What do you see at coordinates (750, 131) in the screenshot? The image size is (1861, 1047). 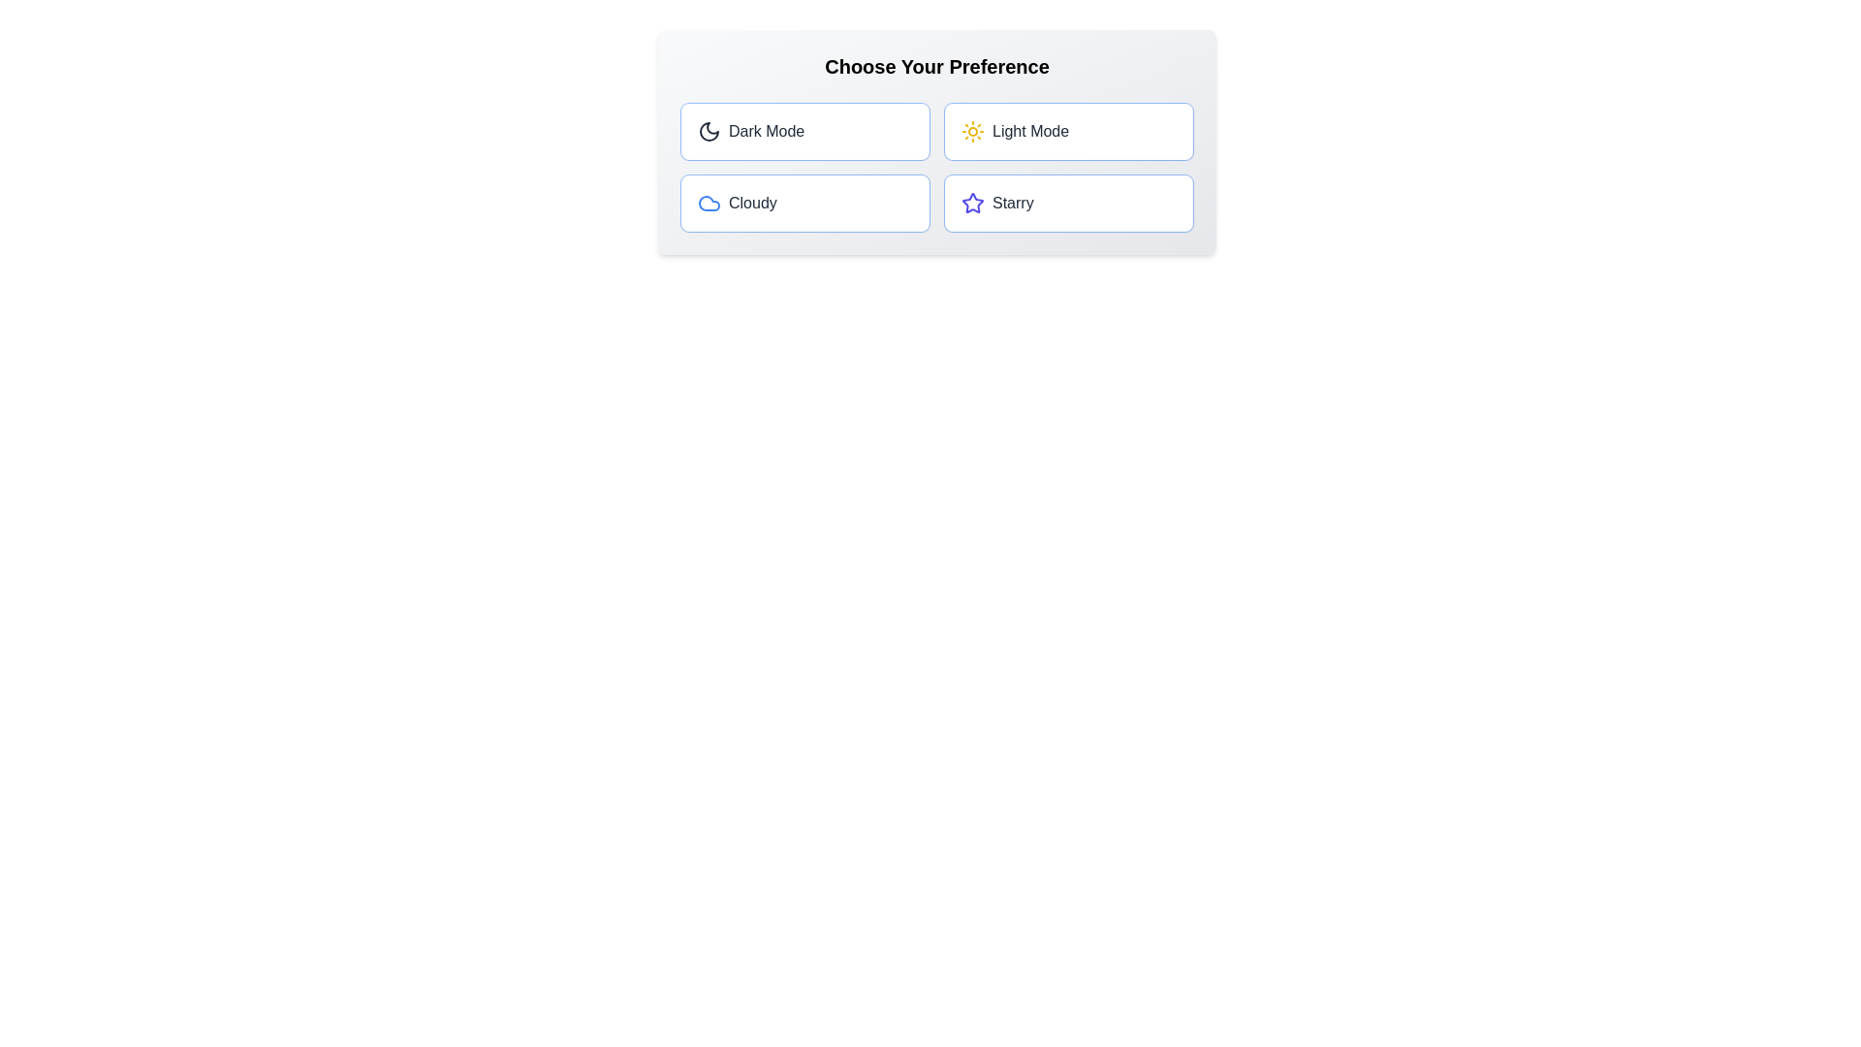 I see `the 'Dark Mode' button located in the top-left selection option of the grid menu under the 'Choose Your Preference' heading` at bounding box center [750, 131].